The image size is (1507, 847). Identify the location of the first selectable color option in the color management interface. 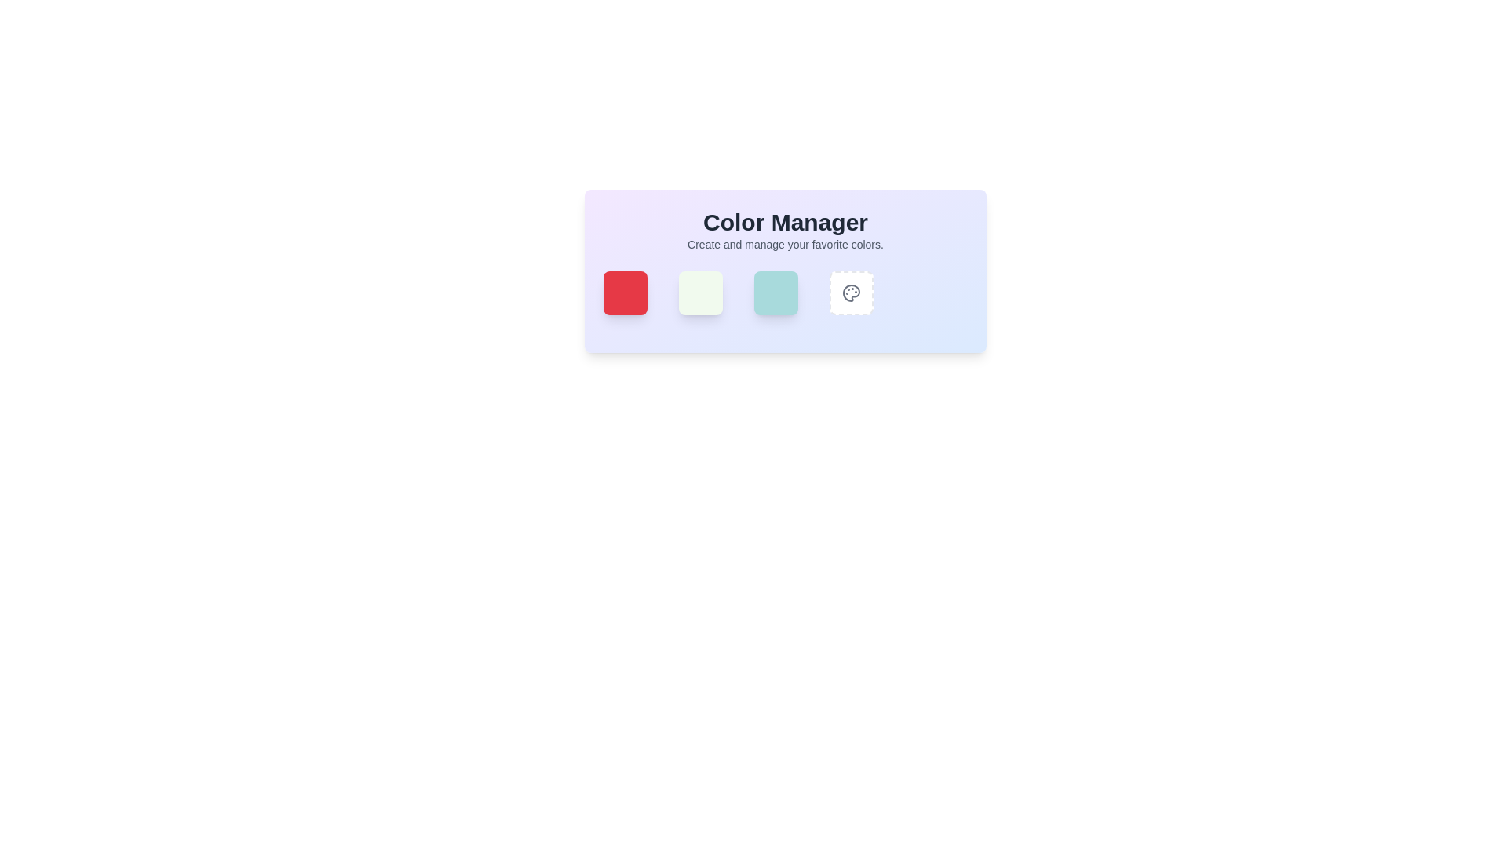
(624, 293).